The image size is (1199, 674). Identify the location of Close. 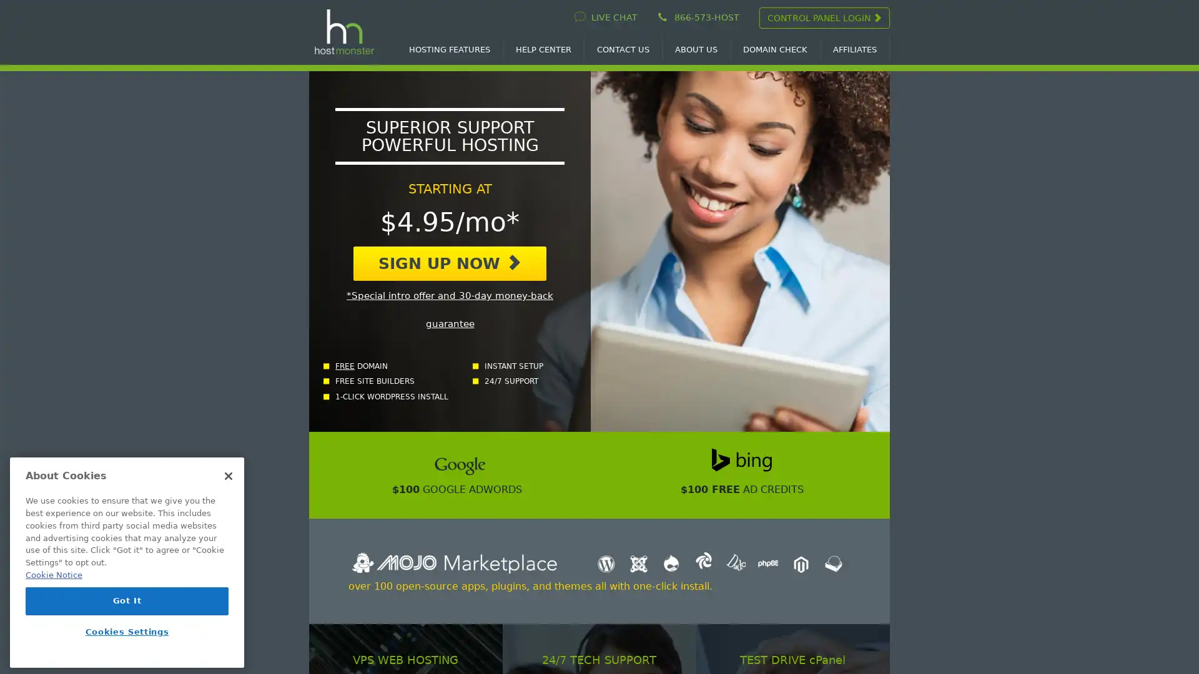
(228, 476).